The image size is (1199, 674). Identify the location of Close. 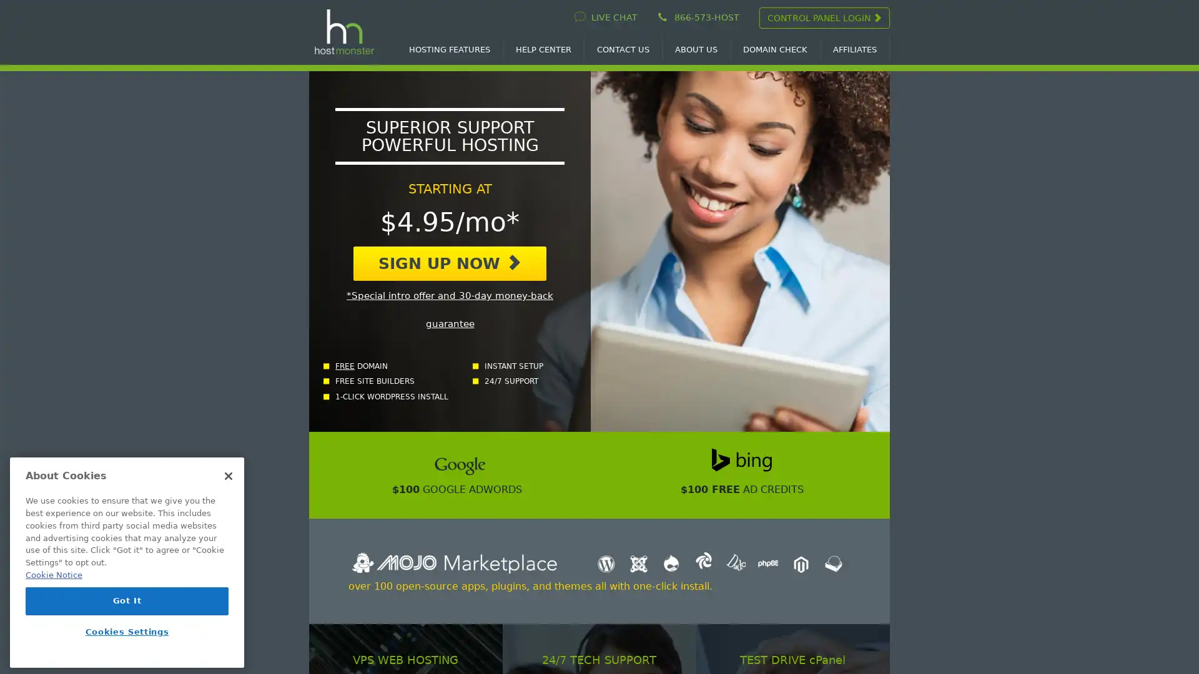
(228, 476).